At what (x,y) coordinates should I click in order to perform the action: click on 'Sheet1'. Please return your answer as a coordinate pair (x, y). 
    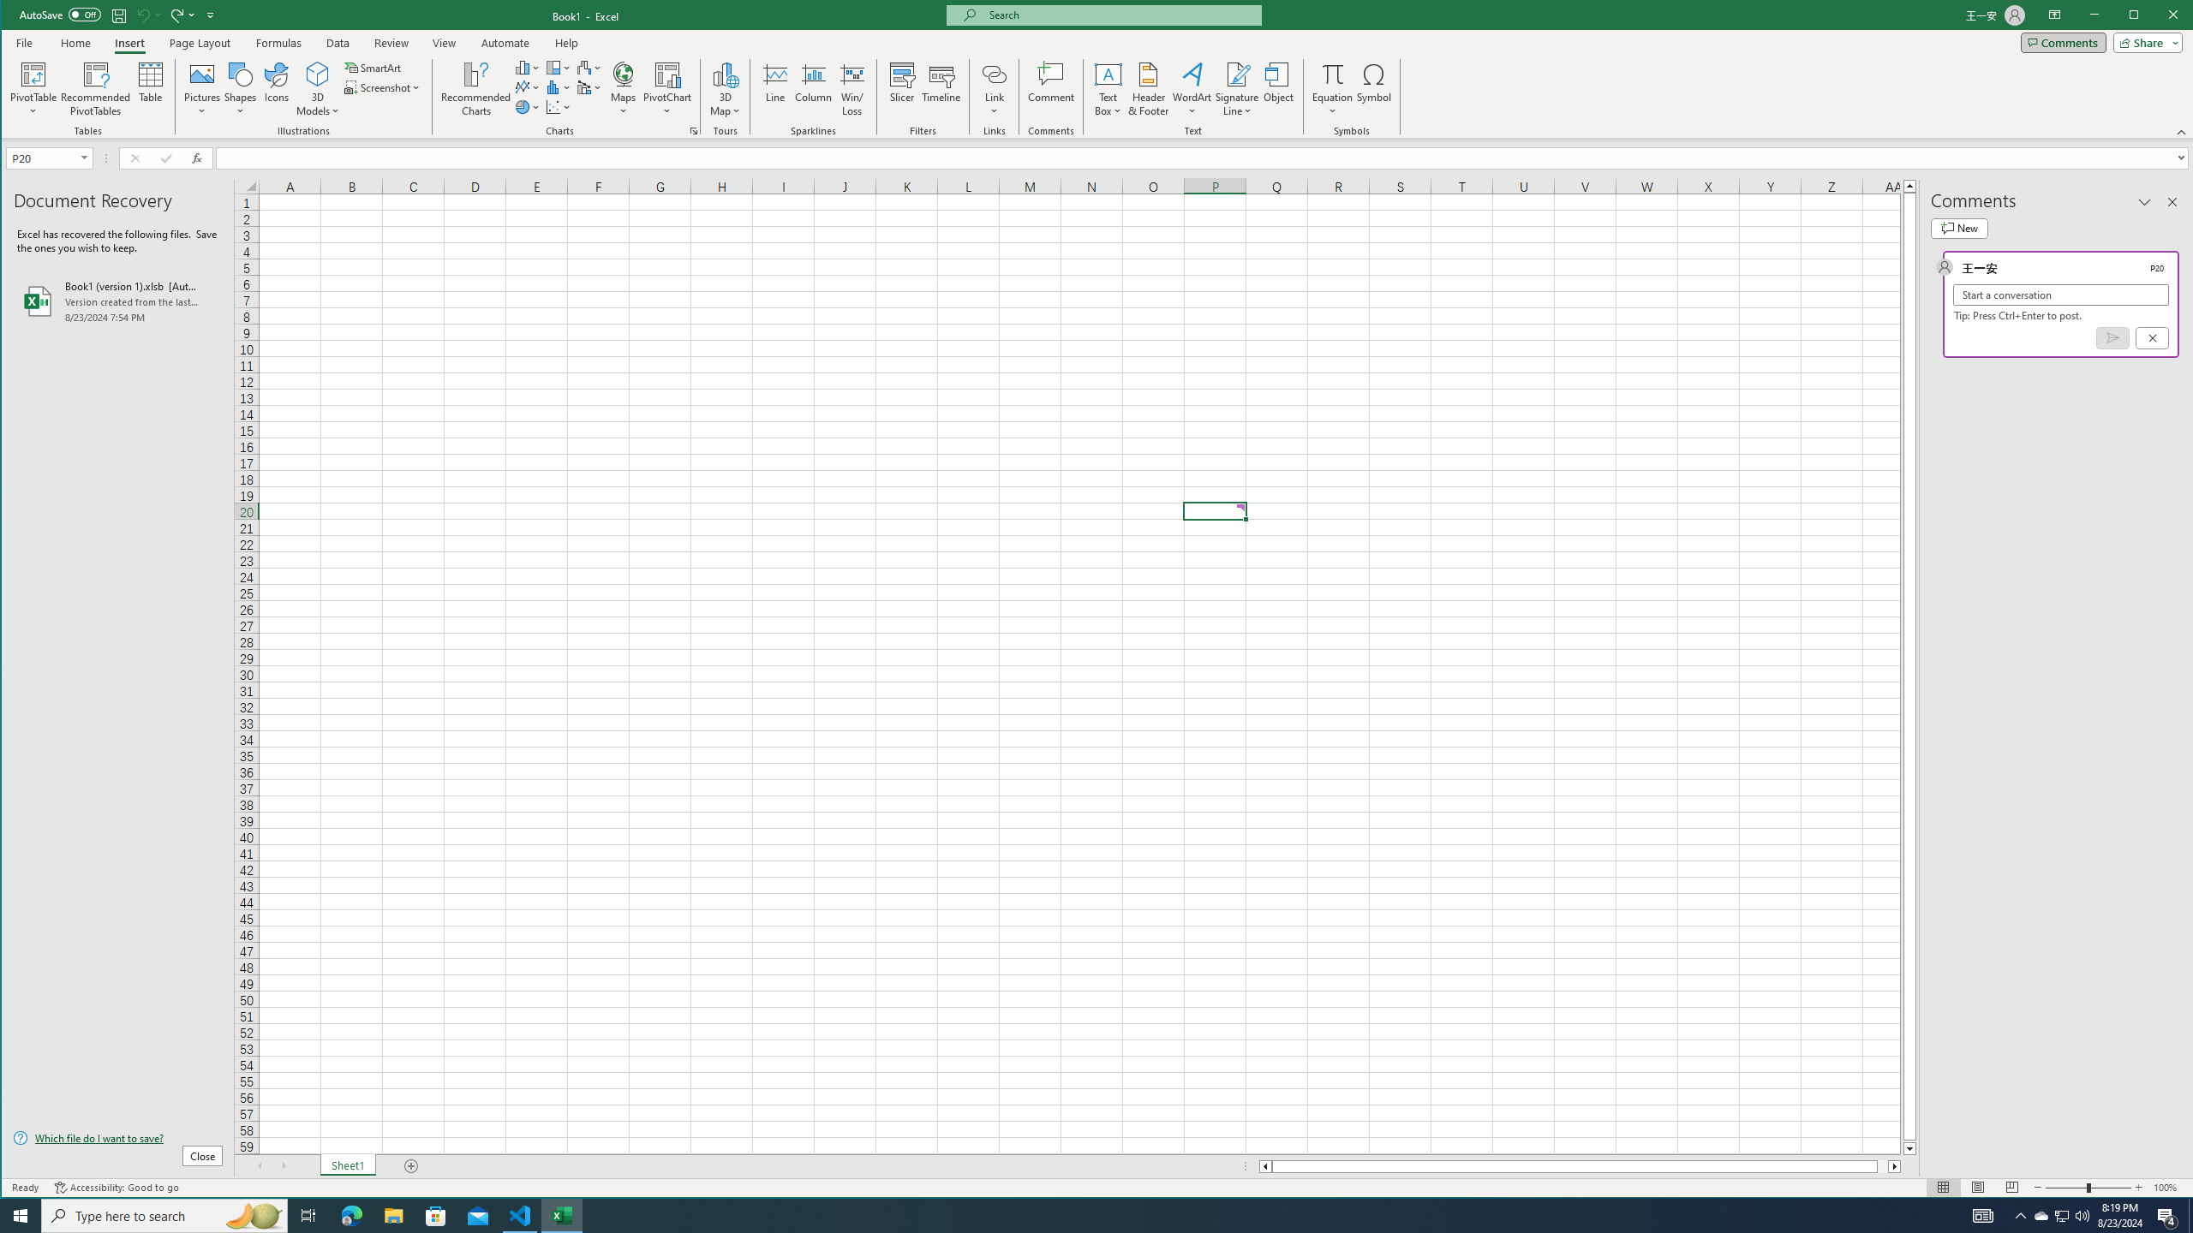
    Looking at the image, I should click on (346, 1166).